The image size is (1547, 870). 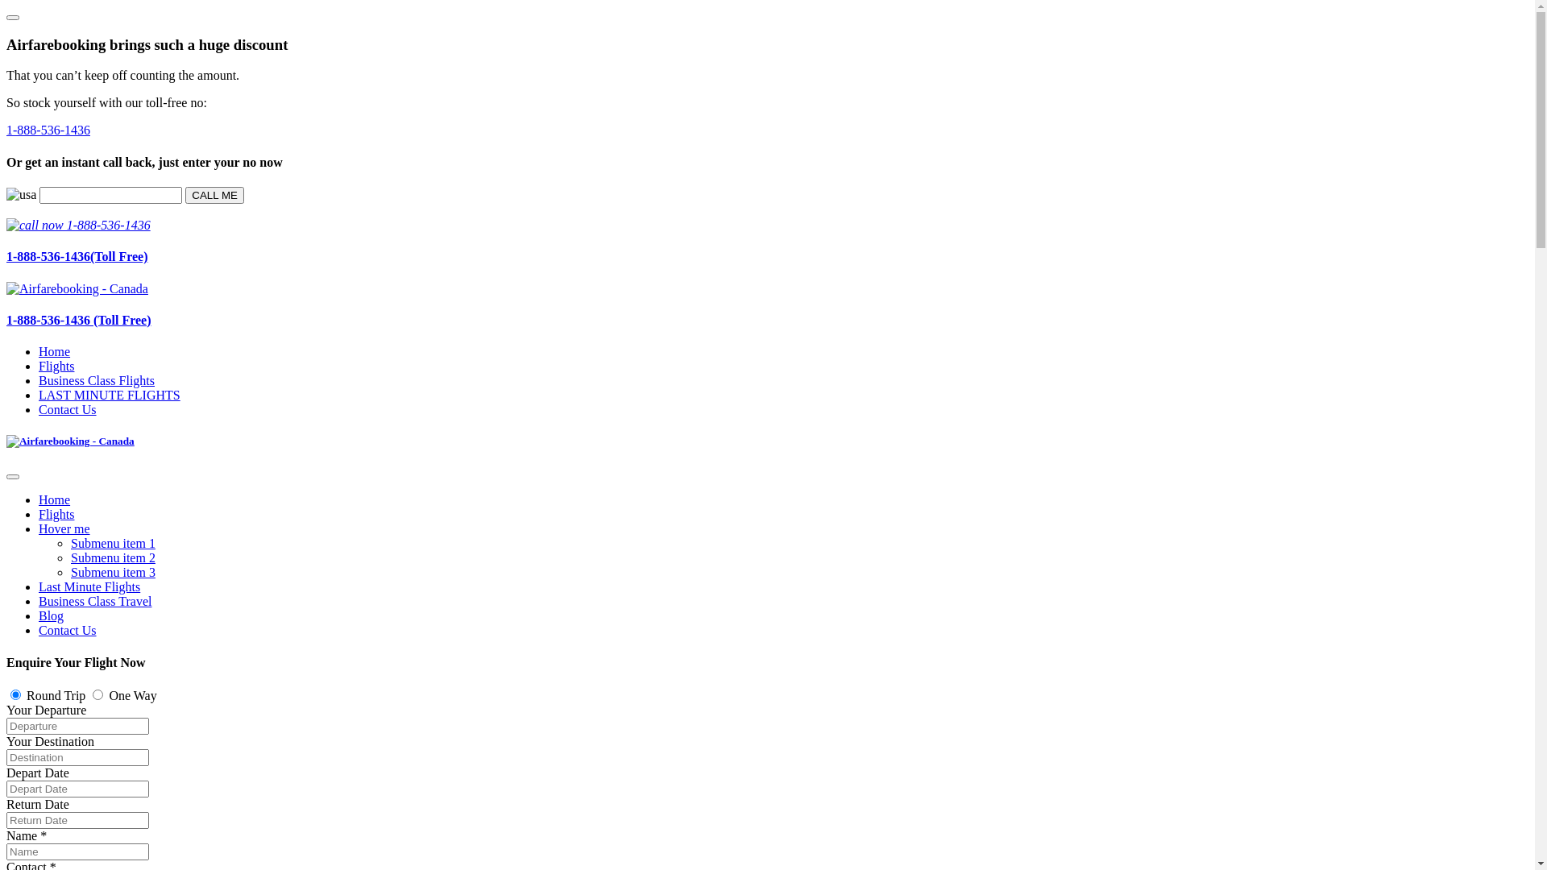 What do you see at coordinates (51, 615) in the screenshot?
I see `'Blog'` at bounding box center [51, 615].